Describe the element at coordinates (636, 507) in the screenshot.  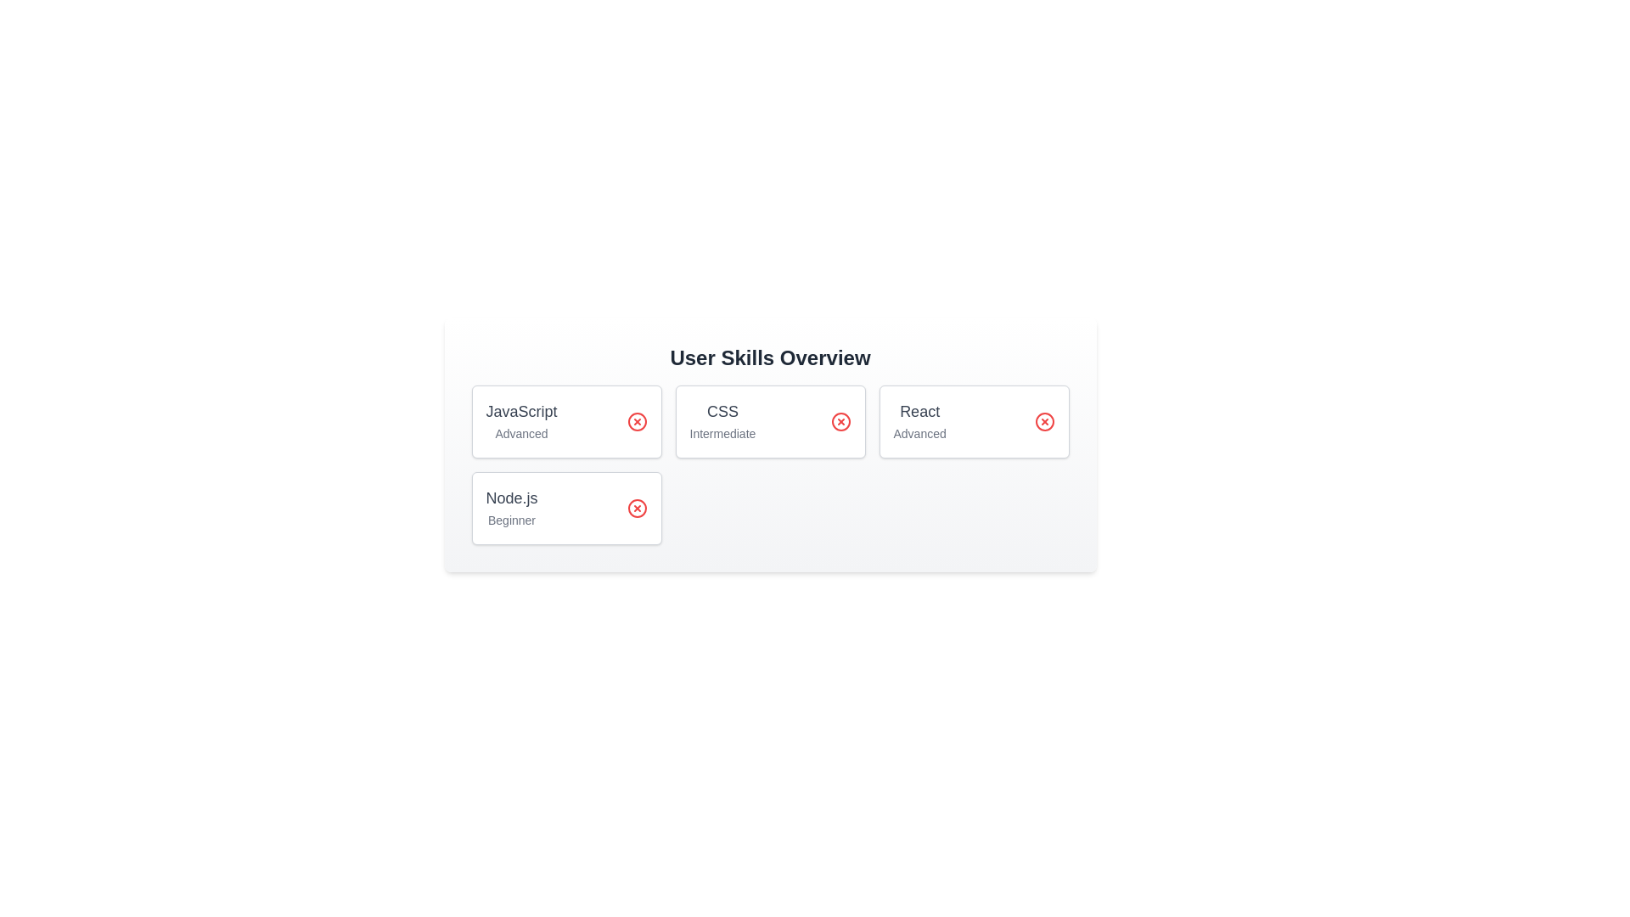
I see `the delete button for the skill Node.js` at that location.